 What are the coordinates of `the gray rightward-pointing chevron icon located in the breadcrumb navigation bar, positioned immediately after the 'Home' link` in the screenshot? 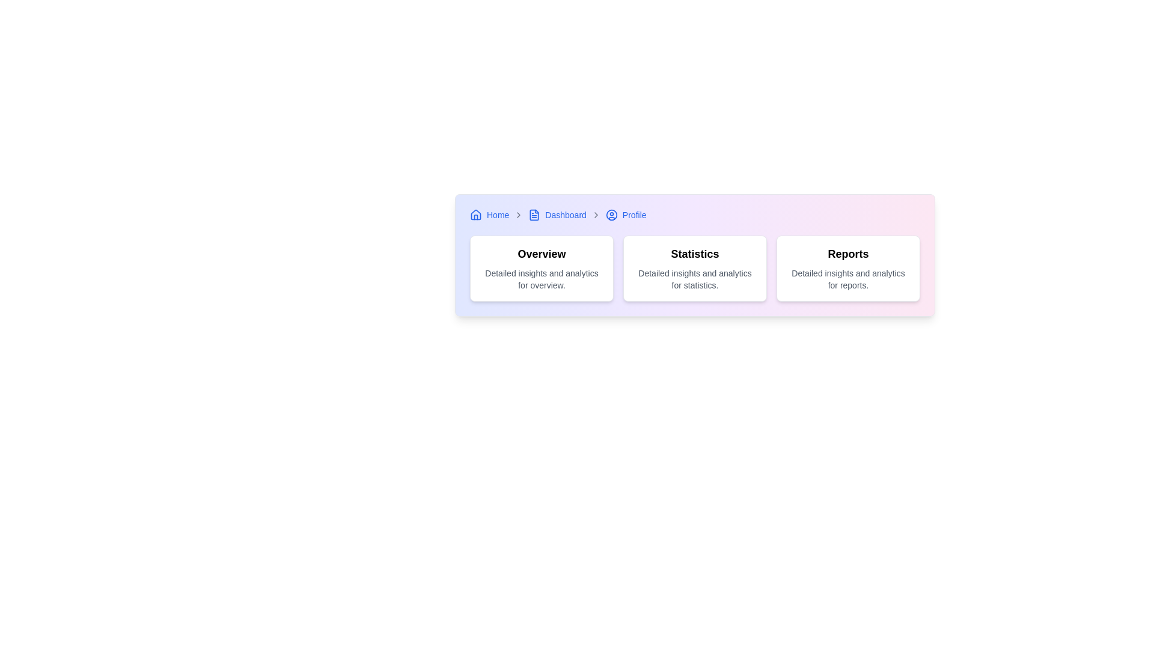 It's located at (519, 215).